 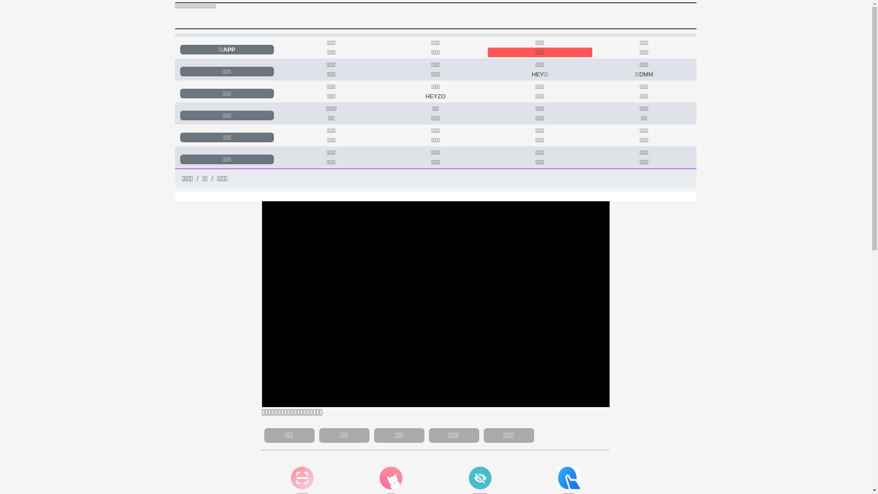 What do you see at coordinates (435, 96) in the screenshot?
I see `'HEYZO'` at bounding box center [435, 96].